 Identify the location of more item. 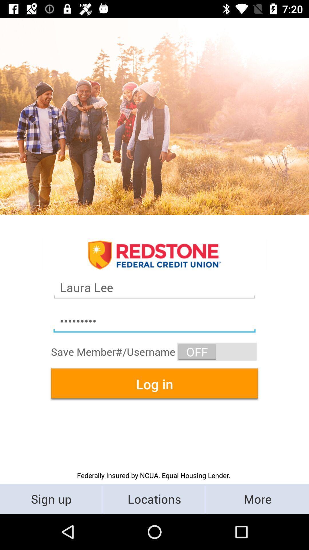
(257, 498).